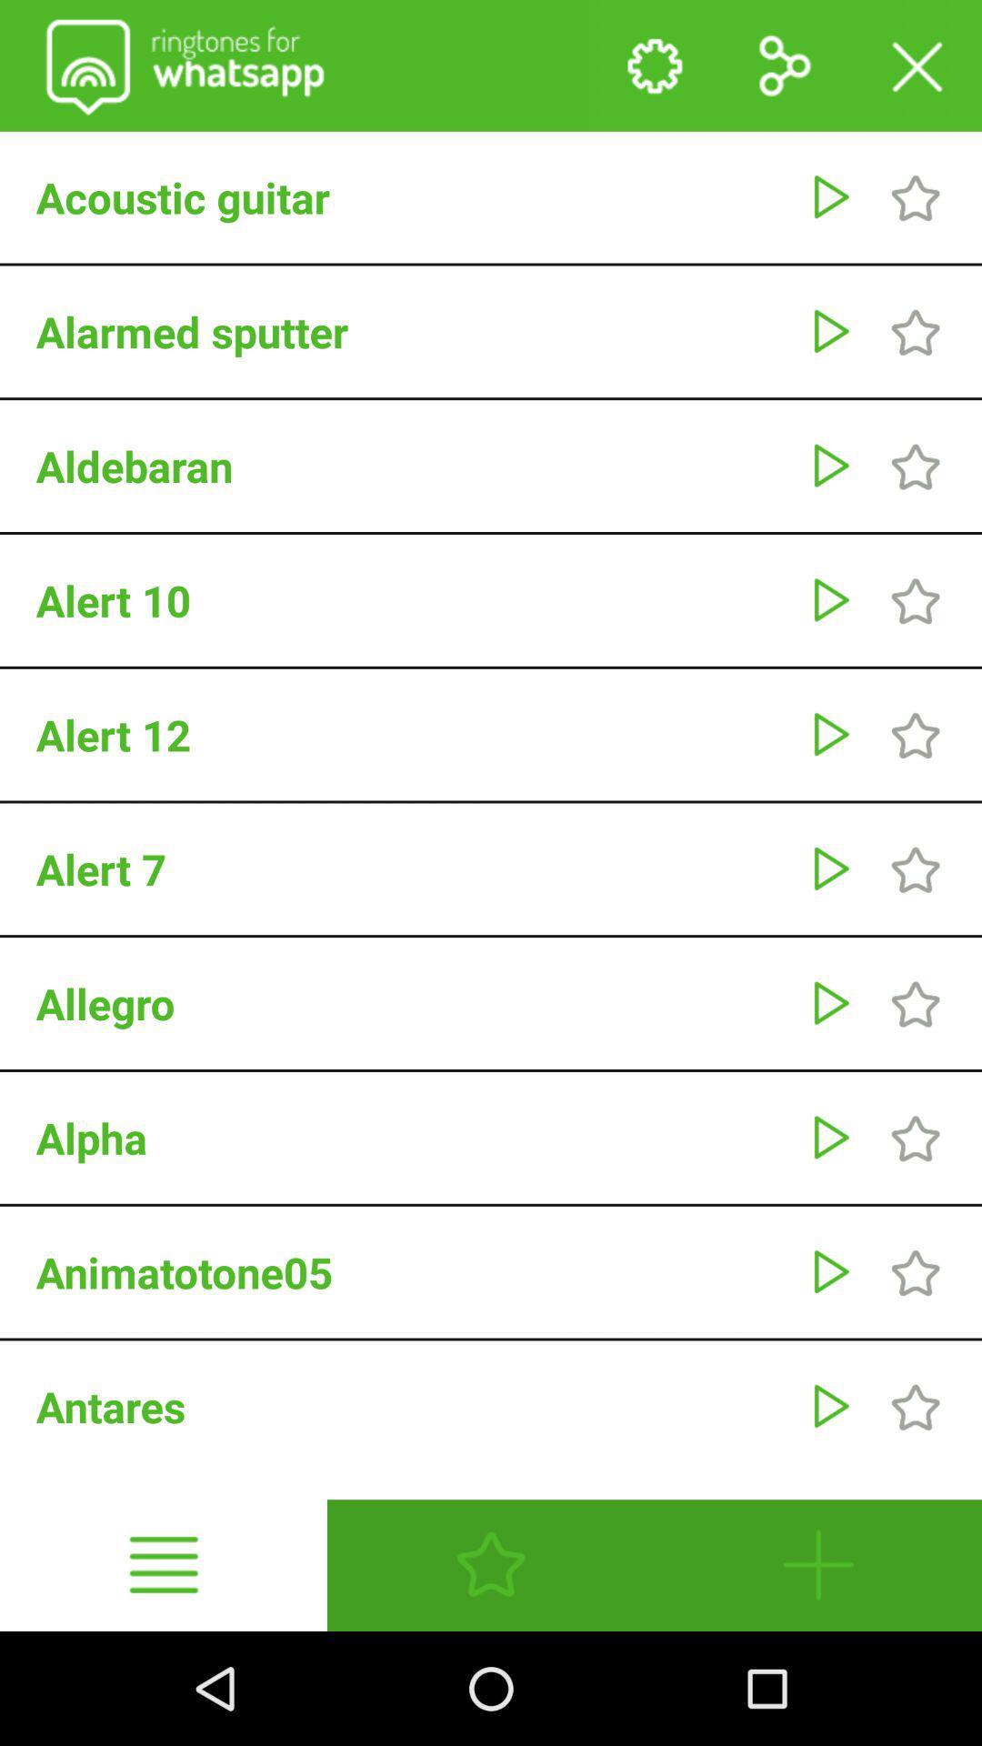 Image resolution: width=982 pixels, height=1746 pixels. I want to click on the allegro app, so click(413, 1002).